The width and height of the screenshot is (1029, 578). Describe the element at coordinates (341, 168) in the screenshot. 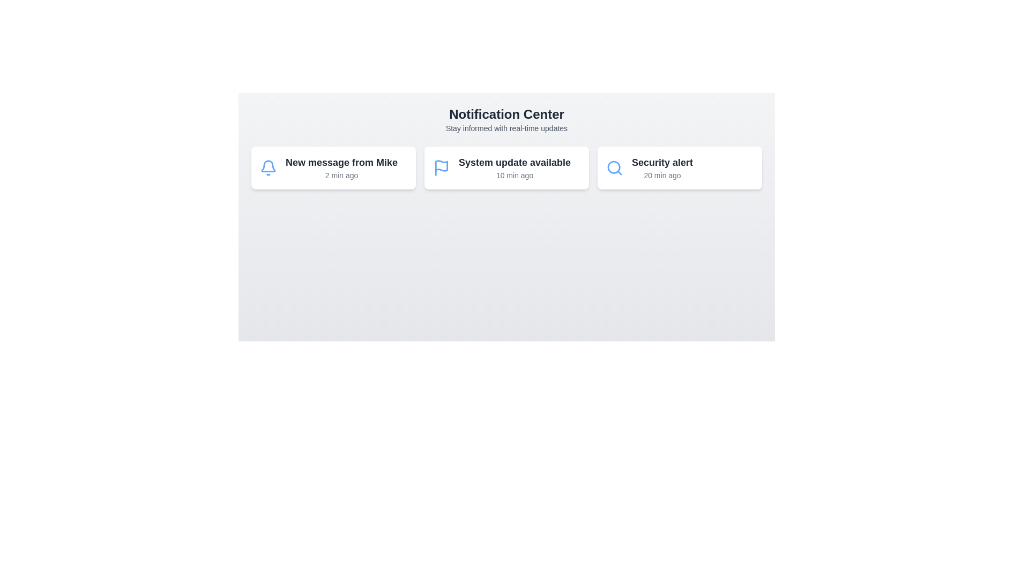

I see `the Text block element displaying 'New message from Mike' followed by '2 min ago' located in the top-left corner of the card with a blue bell icon` at that location.